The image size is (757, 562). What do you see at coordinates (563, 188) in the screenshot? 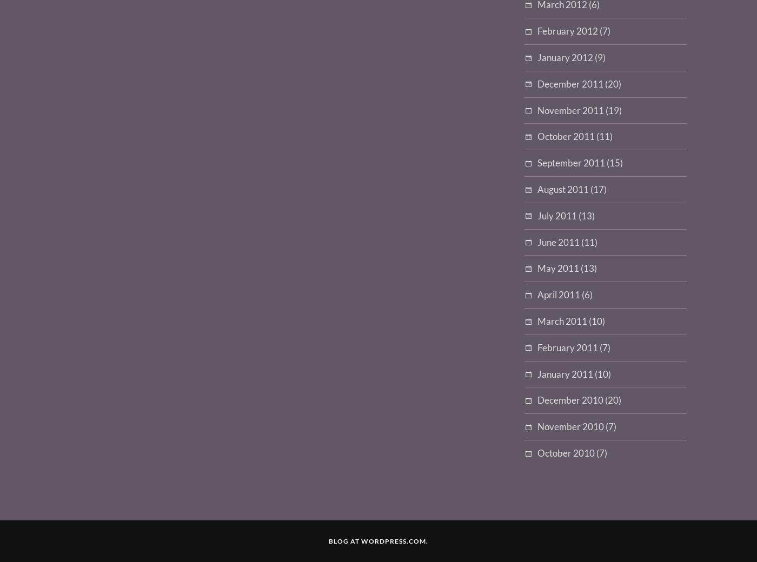
I see `'August 2011'` at bounding box center [563, 188].